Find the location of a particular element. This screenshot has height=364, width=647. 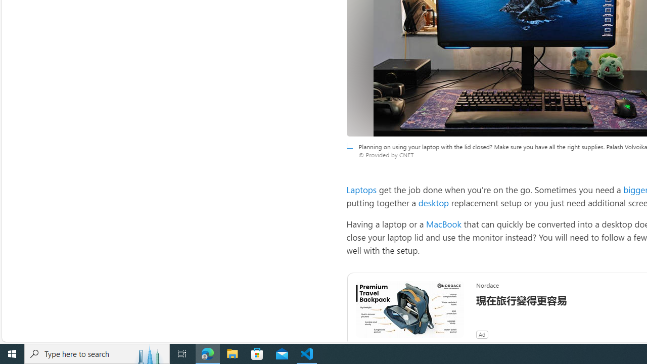

'MacBook' is located at coordinates (444, 223).